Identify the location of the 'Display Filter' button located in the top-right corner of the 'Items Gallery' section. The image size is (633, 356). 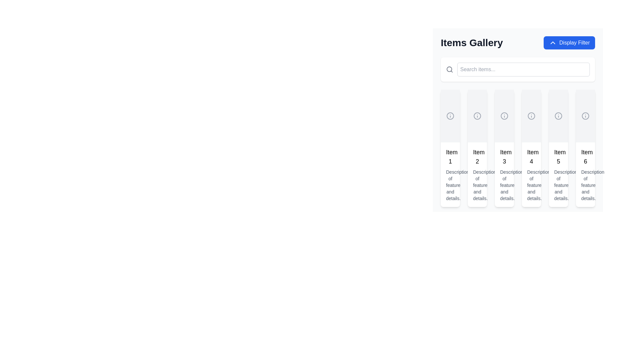
(569, 43).